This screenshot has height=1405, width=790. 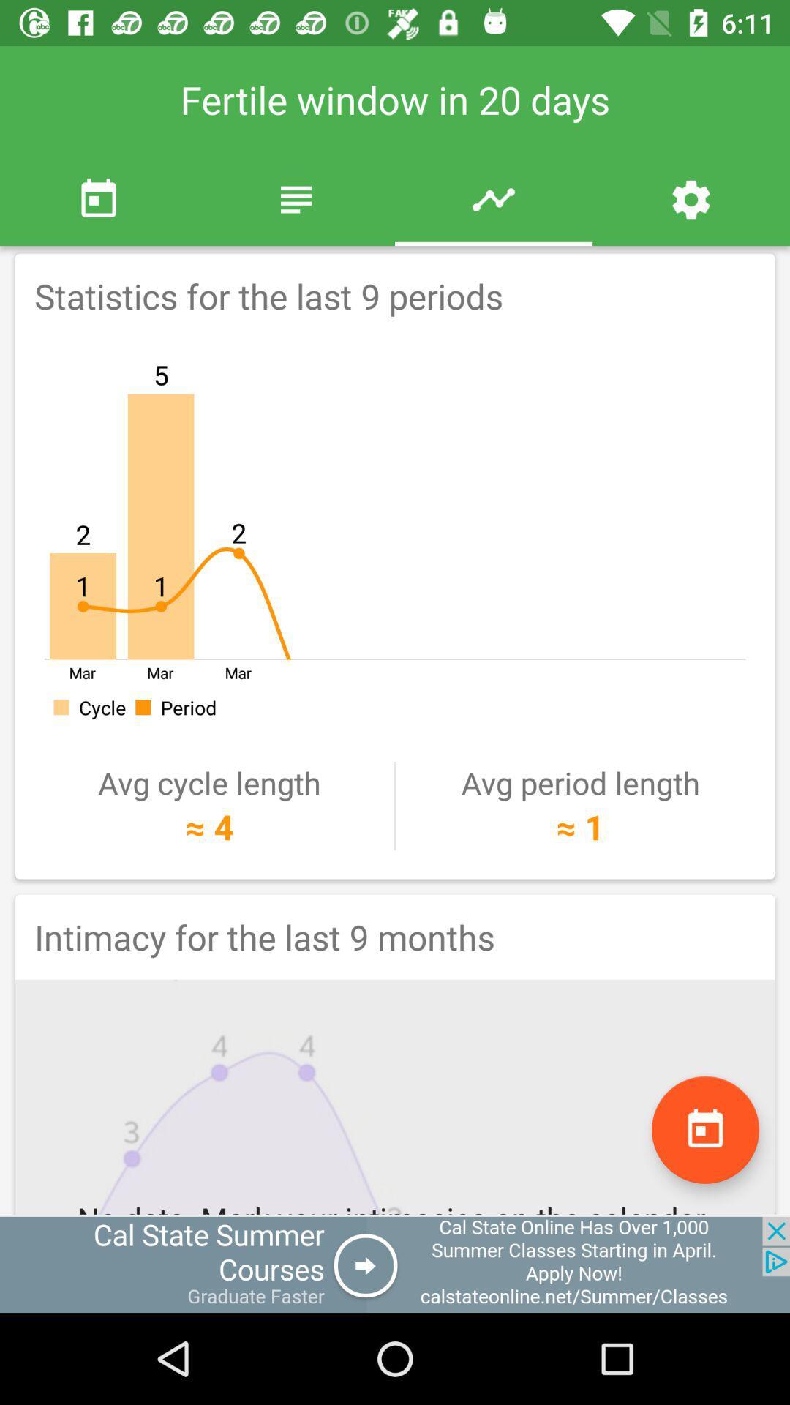 What do you see at coordinates (704, 1129) in the screenshot?
I see `the date_range icon` at bounding box center [704, 1129].